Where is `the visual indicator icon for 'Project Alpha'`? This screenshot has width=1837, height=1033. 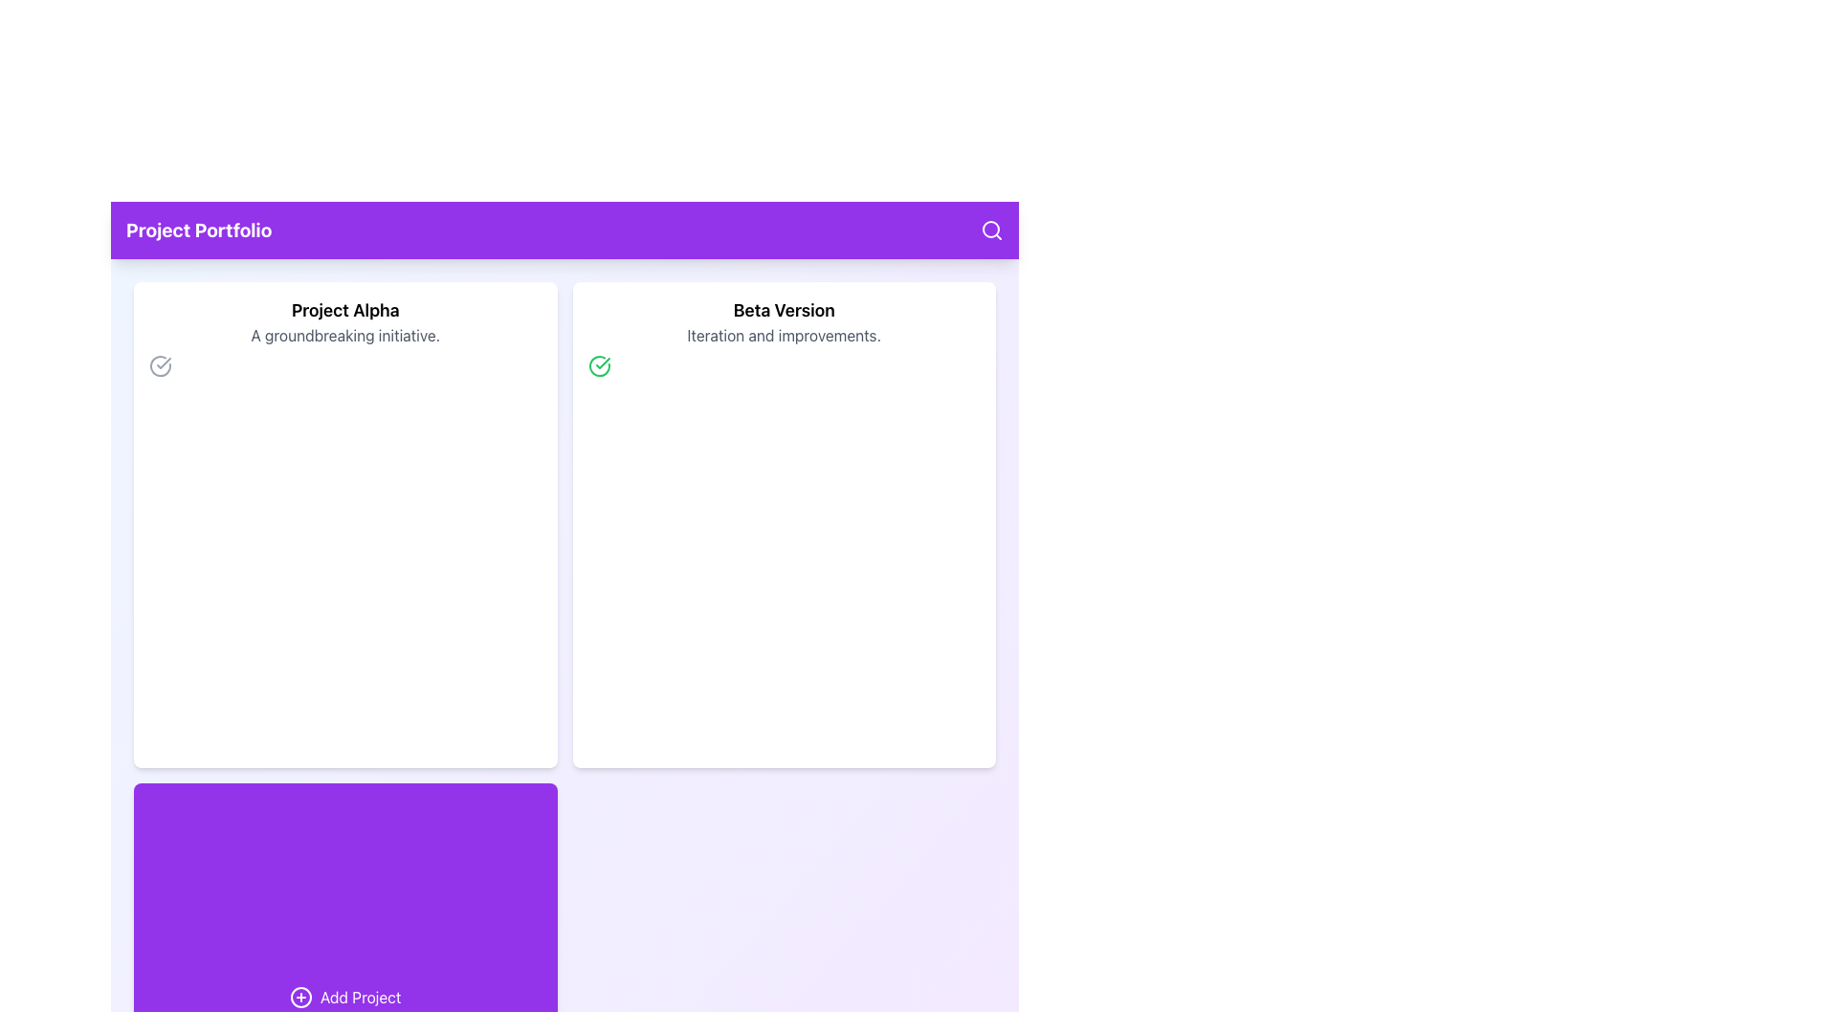 the visual indicator icon for 'Project Alpha' is located at coordinates (161, 365).